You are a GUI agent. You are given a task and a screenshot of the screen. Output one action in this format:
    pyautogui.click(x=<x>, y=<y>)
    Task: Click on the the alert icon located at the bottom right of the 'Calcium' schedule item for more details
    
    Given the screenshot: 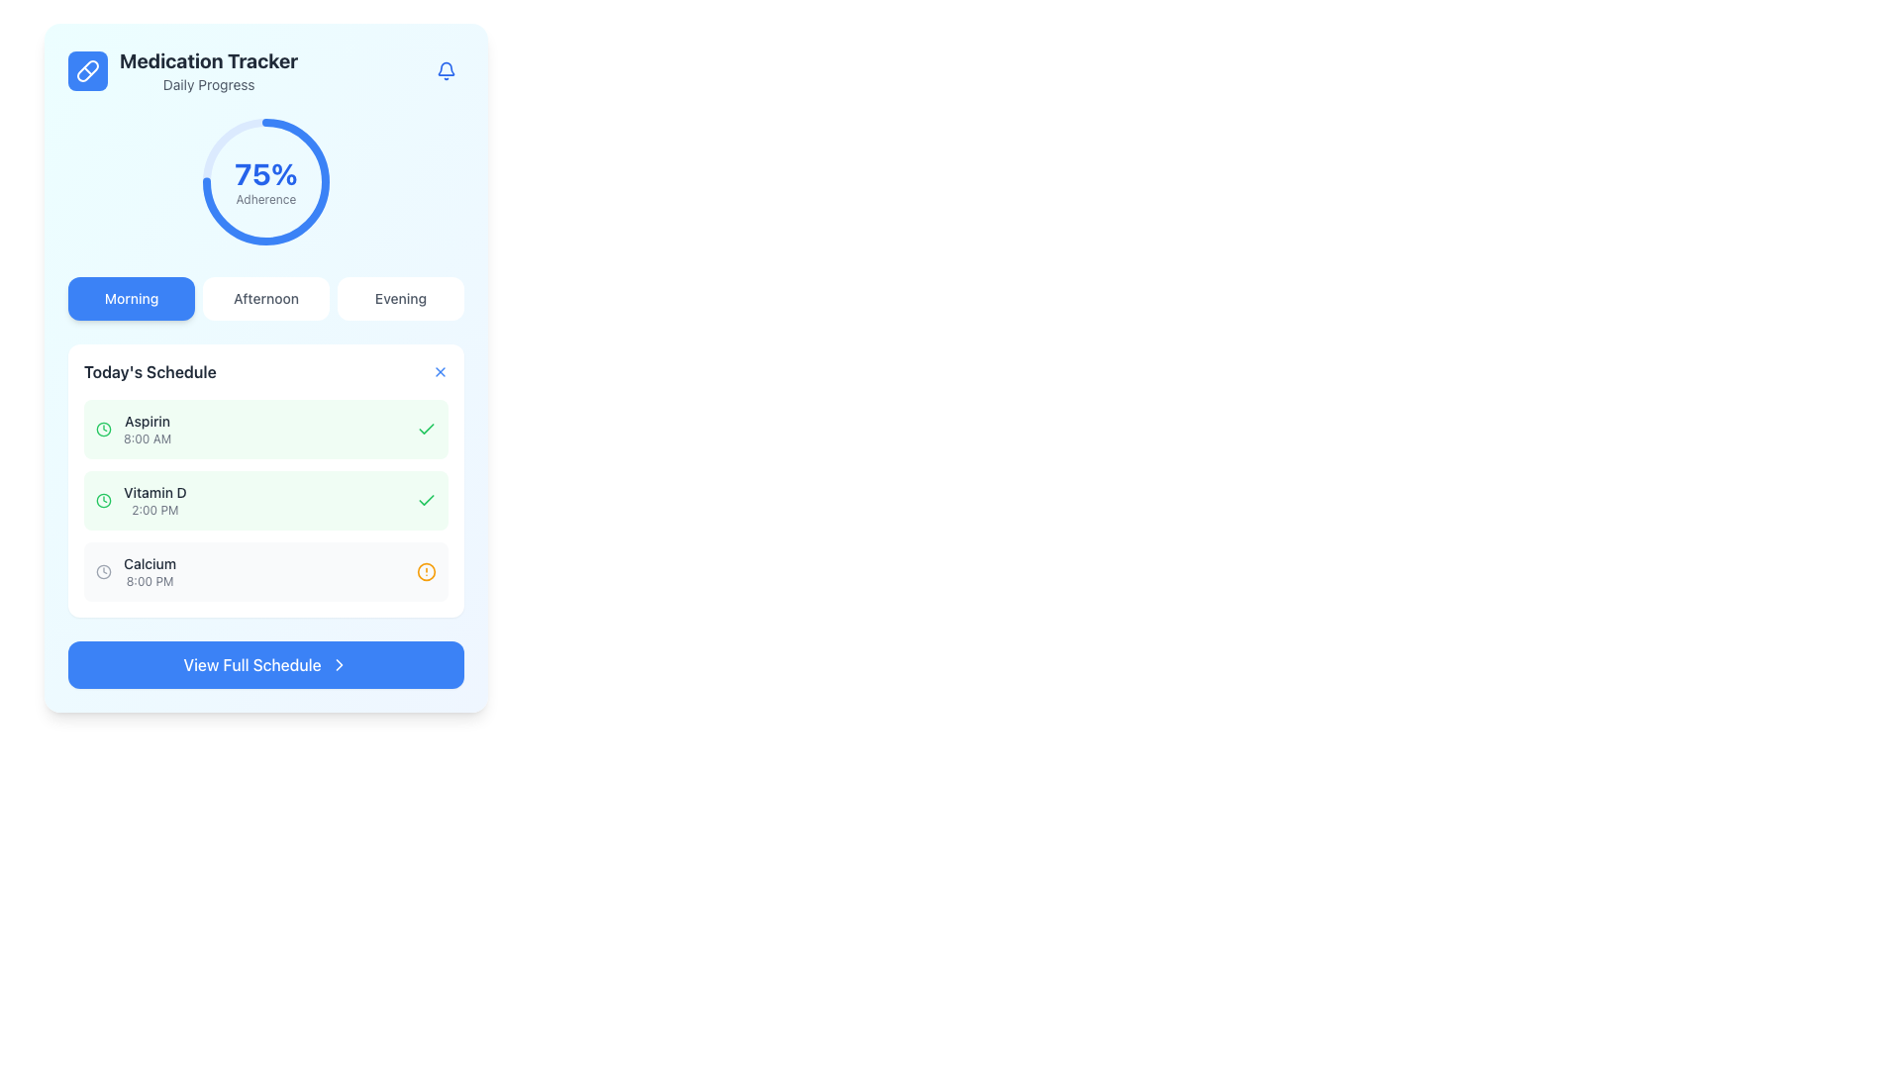 What is the action you would take?
    pyautogui.click(x=426, y=572)
    